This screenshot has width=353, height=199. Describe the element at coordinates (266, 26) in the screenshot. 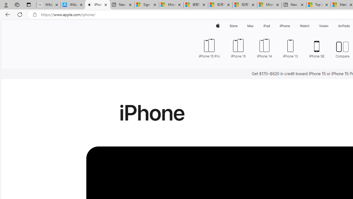

I see `'iPad'` at that location.